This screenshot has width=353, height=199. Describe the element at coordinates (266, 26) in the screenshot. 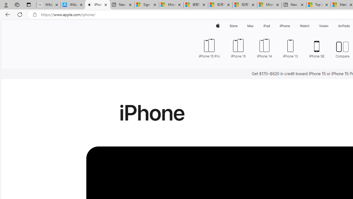

I see `'iPad'` at that location.